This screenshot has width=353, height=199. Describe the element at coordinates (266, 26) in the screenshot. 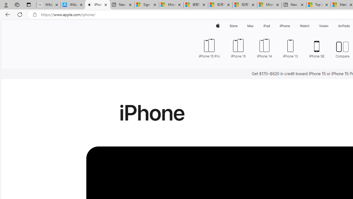

I see `'iPad'` at that location.